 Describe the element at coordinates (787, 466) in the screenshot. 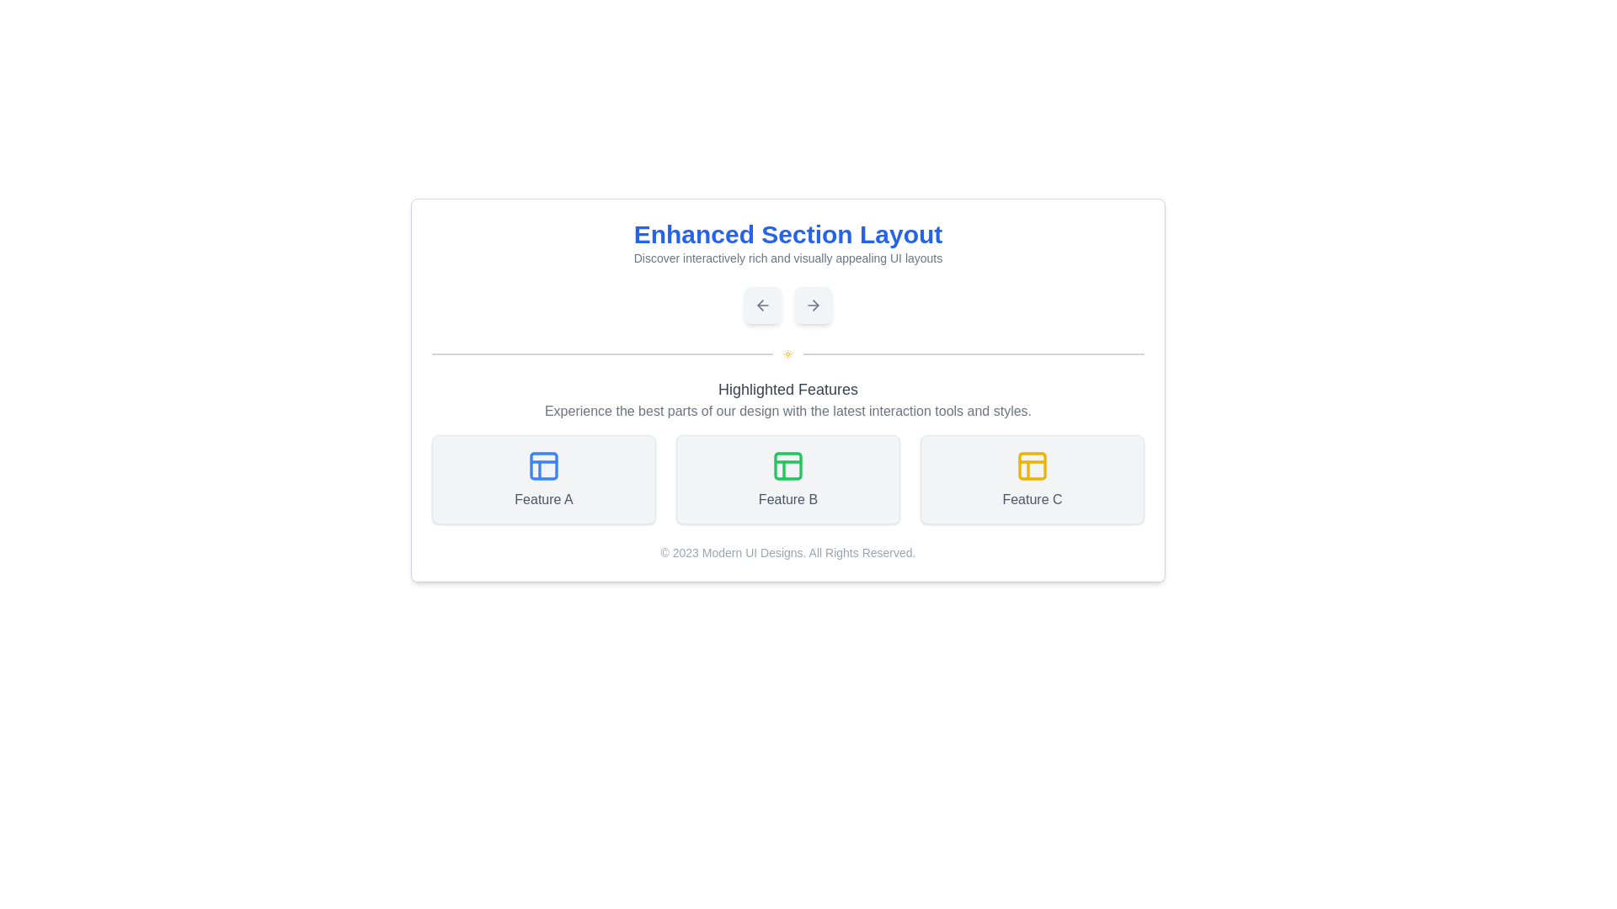

I see `the square graphic with rounded corners and a green border located in the 'Highlighted Features' section, specifically in 'Feature B.'` at that location.